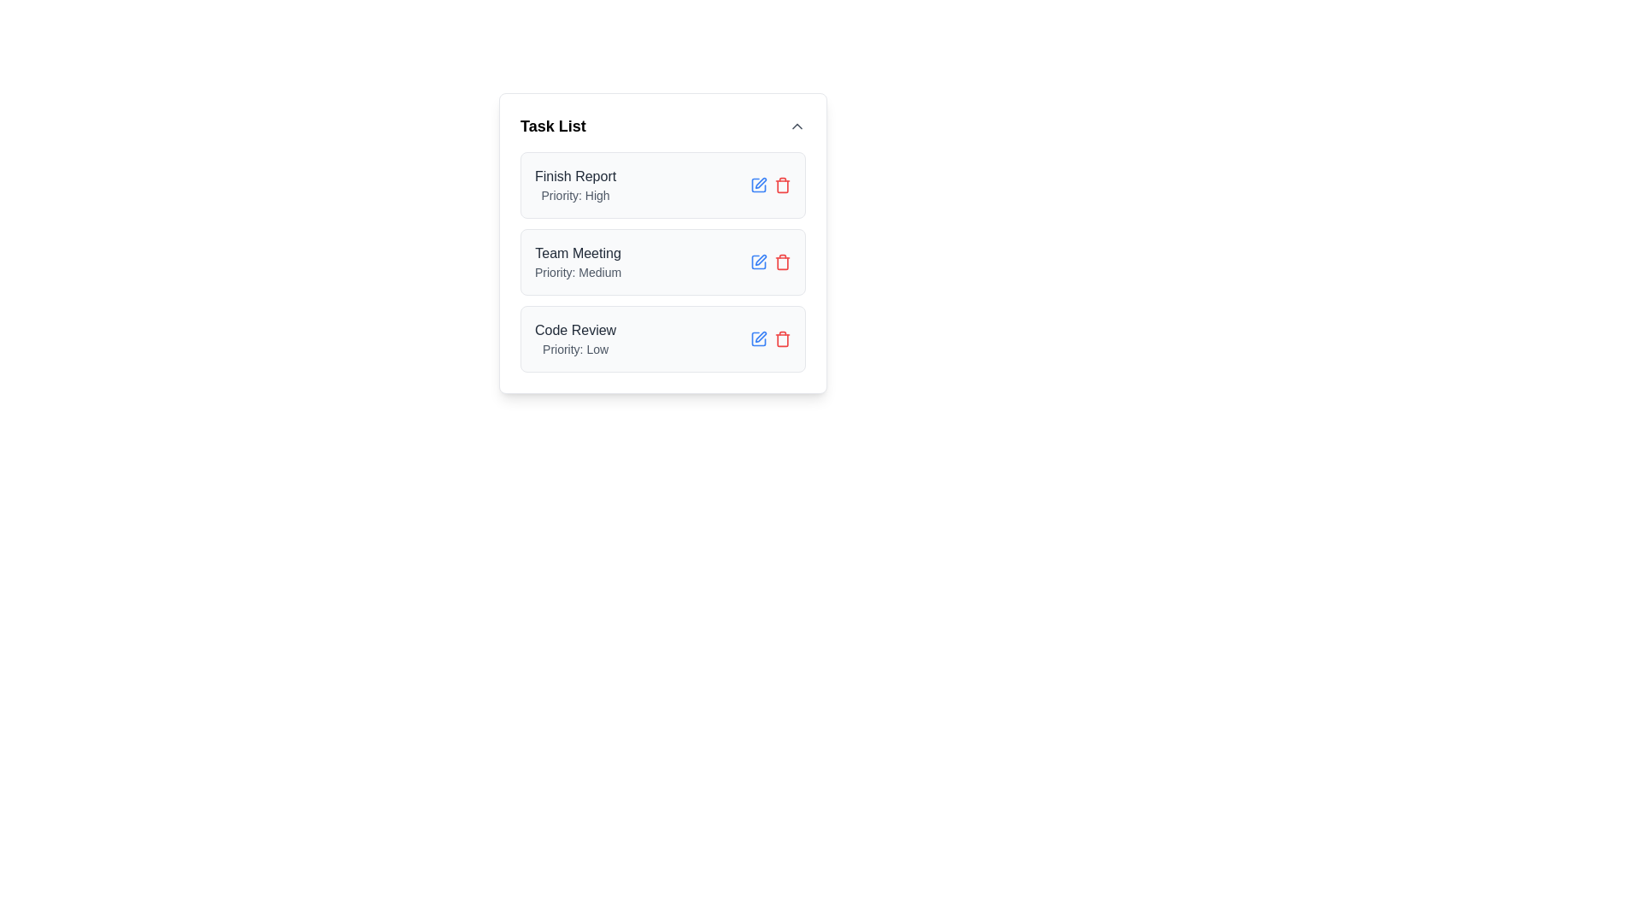  What do you see at coordinates (758, 339) in the screenshot?
I see `the edit button for the 'Code Review' task item` at bounding box center [758, 339].